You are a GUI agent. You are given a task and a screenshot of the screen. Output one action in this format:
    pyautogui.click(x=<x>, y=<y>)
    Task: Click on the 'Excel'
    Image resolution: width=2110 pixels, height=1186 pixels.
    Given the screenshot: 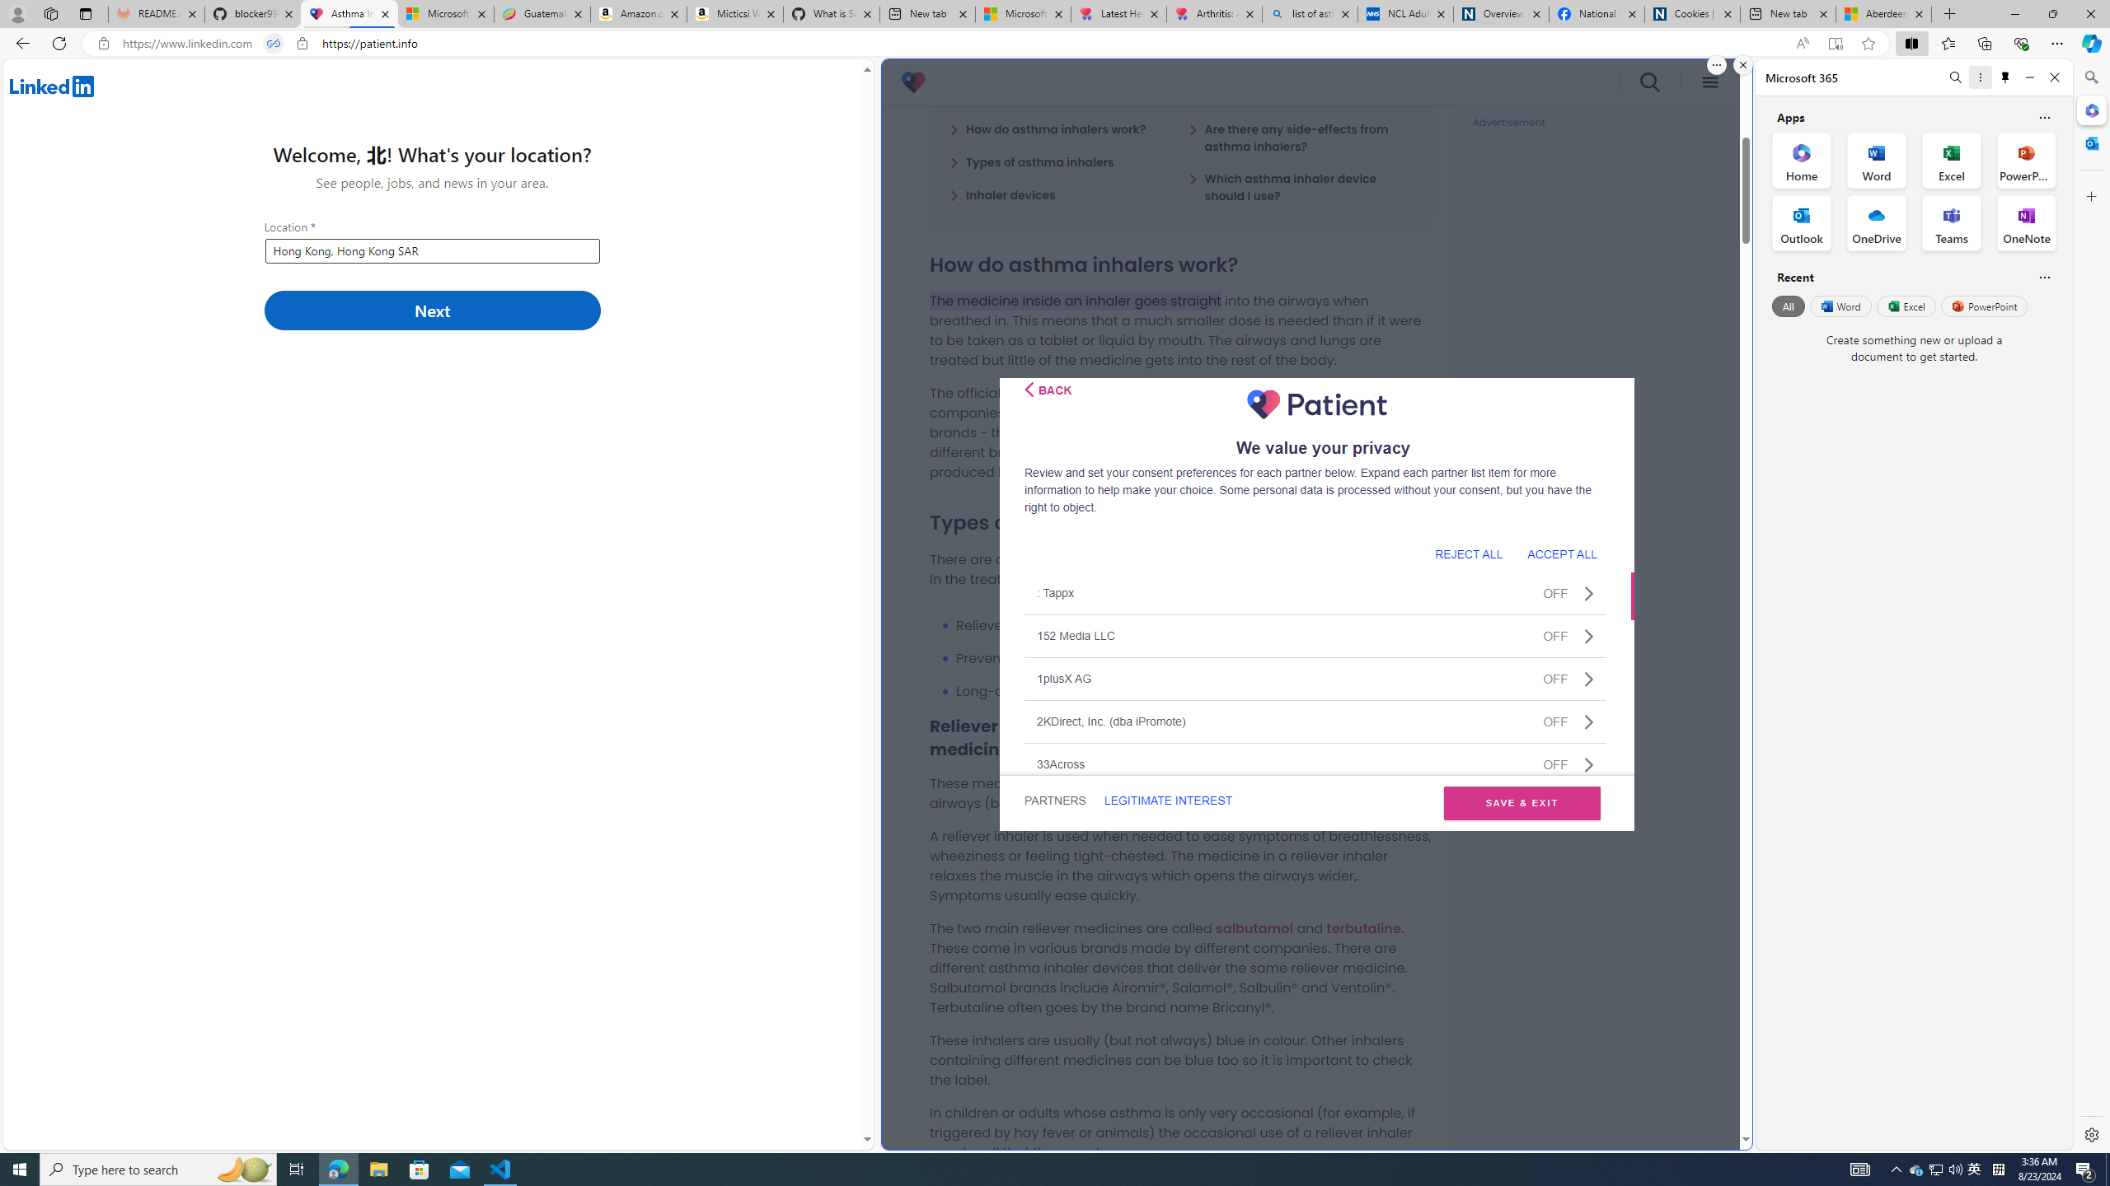 What is the action you would take?
    pyautogui.click(x=1905, y=306)
    